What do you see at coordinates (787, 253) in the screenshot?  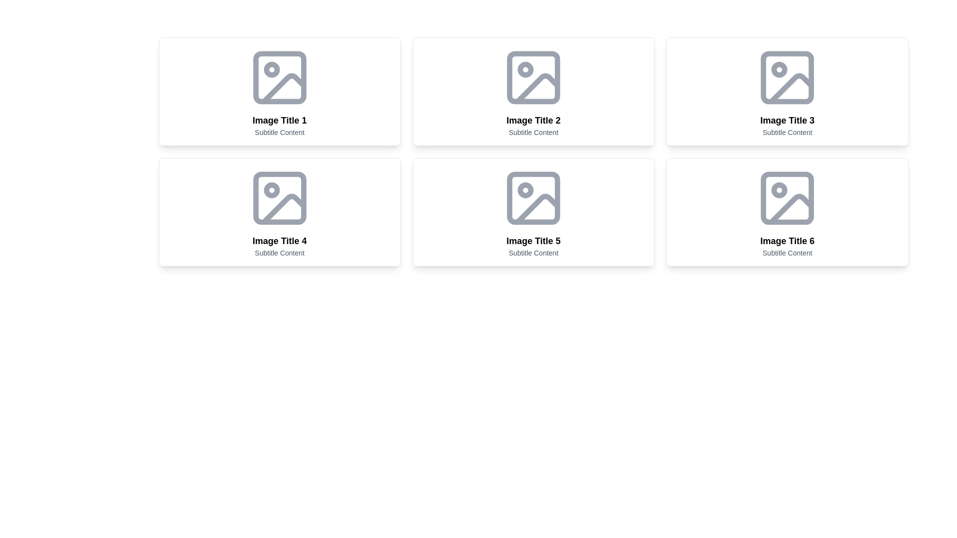 I see `the text label displaying 'Subtitle Content', which is styled in gray and located below the title 'Image Title 6' in the grid layout` at bounding box center [787, 253].